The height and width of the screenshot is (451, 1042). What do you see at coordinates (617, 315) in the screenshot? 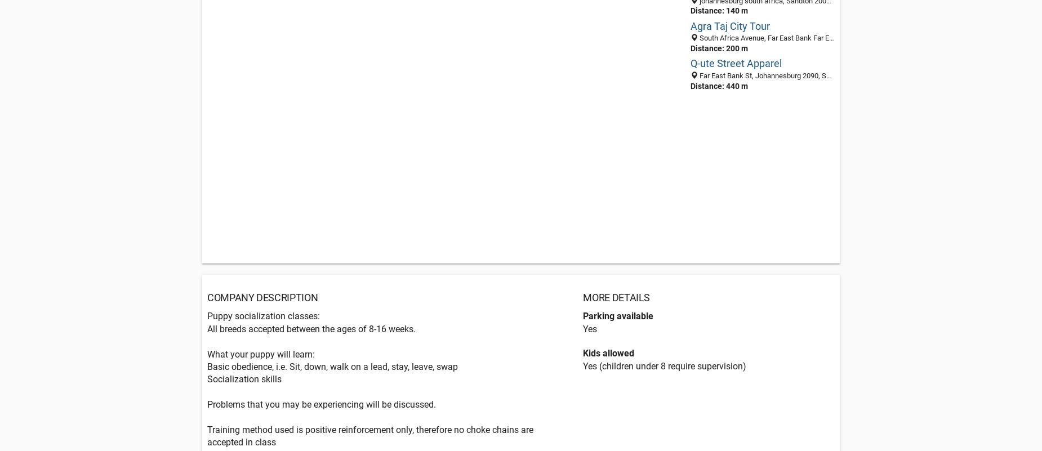
I see `'Parking available'` at bounding box center [617, 315].